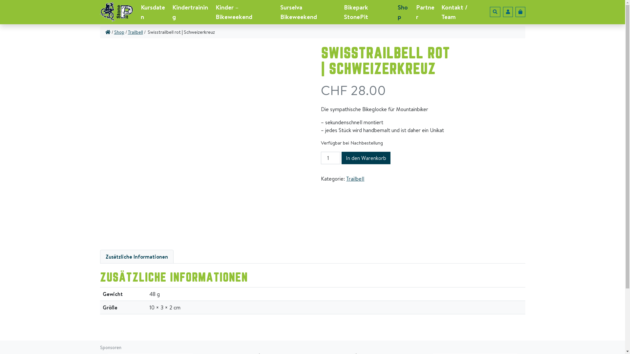 The image size is (630, 354). I want to click on 'Kursdaten', so click(153, 12).